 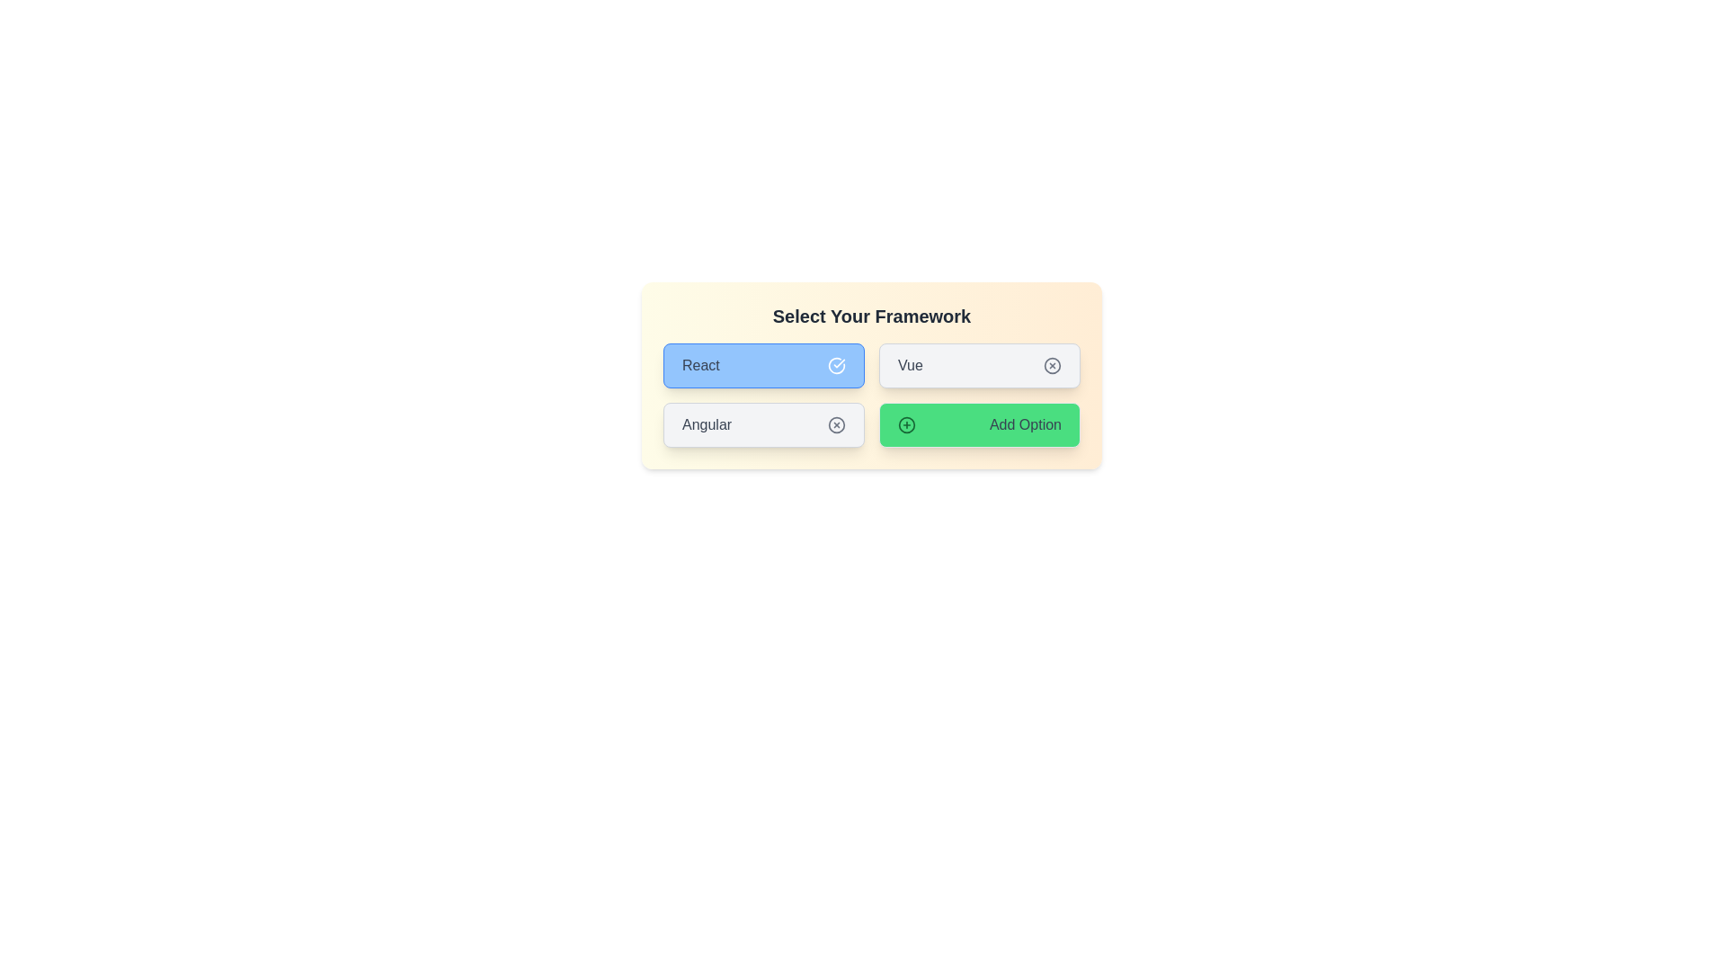 What do you see at coordinates (978, 425) in the screenshot?
I see `the 'Add Option' button to add a new option` at bounding box center [978, 425].